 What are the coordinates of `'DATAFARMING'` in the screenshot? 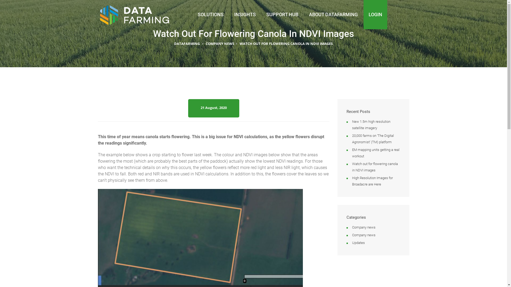 It's located at (174, 43).